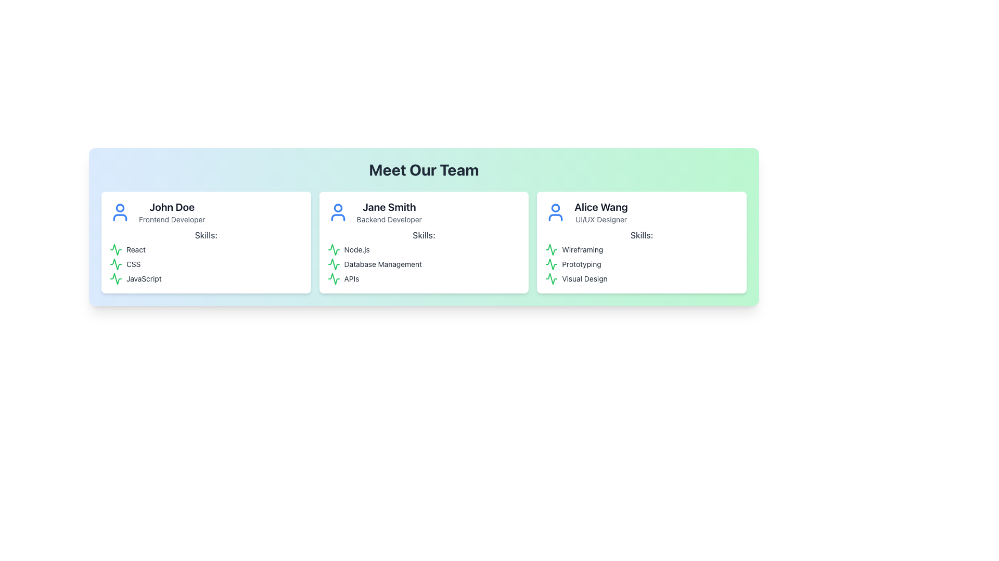  What do you see at coordinates (424, 242) in the screenshot?
I see `the second team member's Informational Card for rearrangement within the 'Meet Our Team' section of the UI` at bounding box center [424, 242].